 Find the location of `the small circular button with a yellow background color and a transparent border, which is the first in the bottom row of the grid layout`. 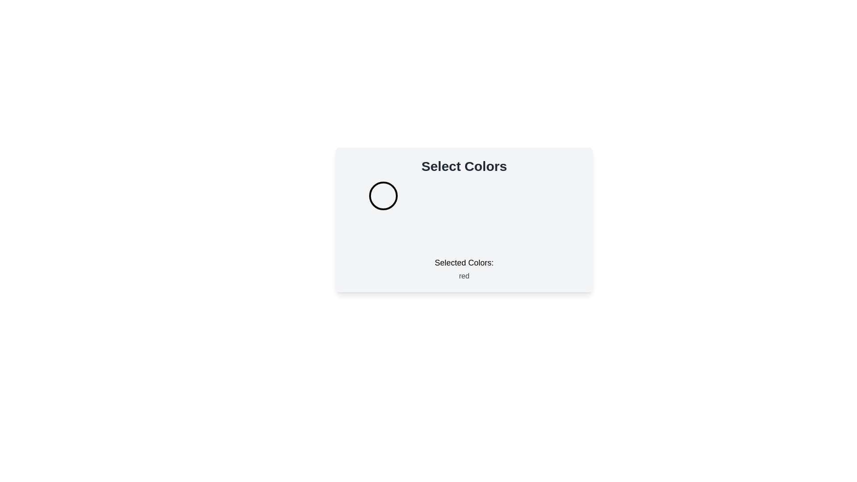

the small circular button with a yellow background color and a transparent border, which is the first in the bottom row of the grid layout is located at coordinates (383, 231).